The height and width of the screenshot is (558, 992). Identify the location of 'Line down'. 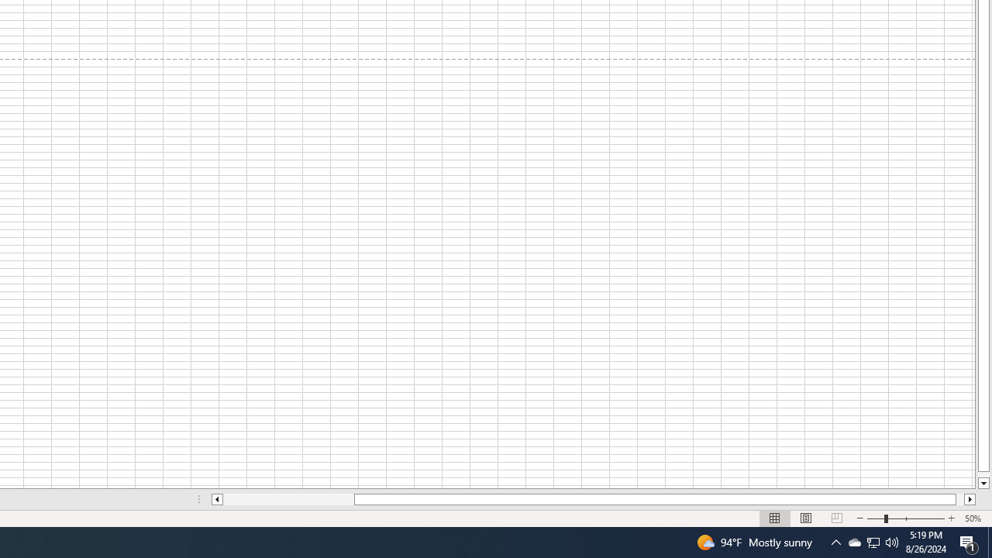
(983, 483).